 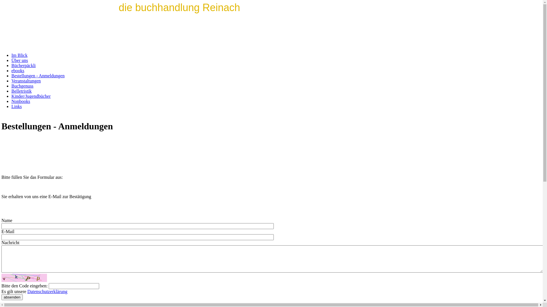 What do you see at coordinates (18, 70) in the screenshot?
I see `'ebooks'` at bounding box center [18, 70].